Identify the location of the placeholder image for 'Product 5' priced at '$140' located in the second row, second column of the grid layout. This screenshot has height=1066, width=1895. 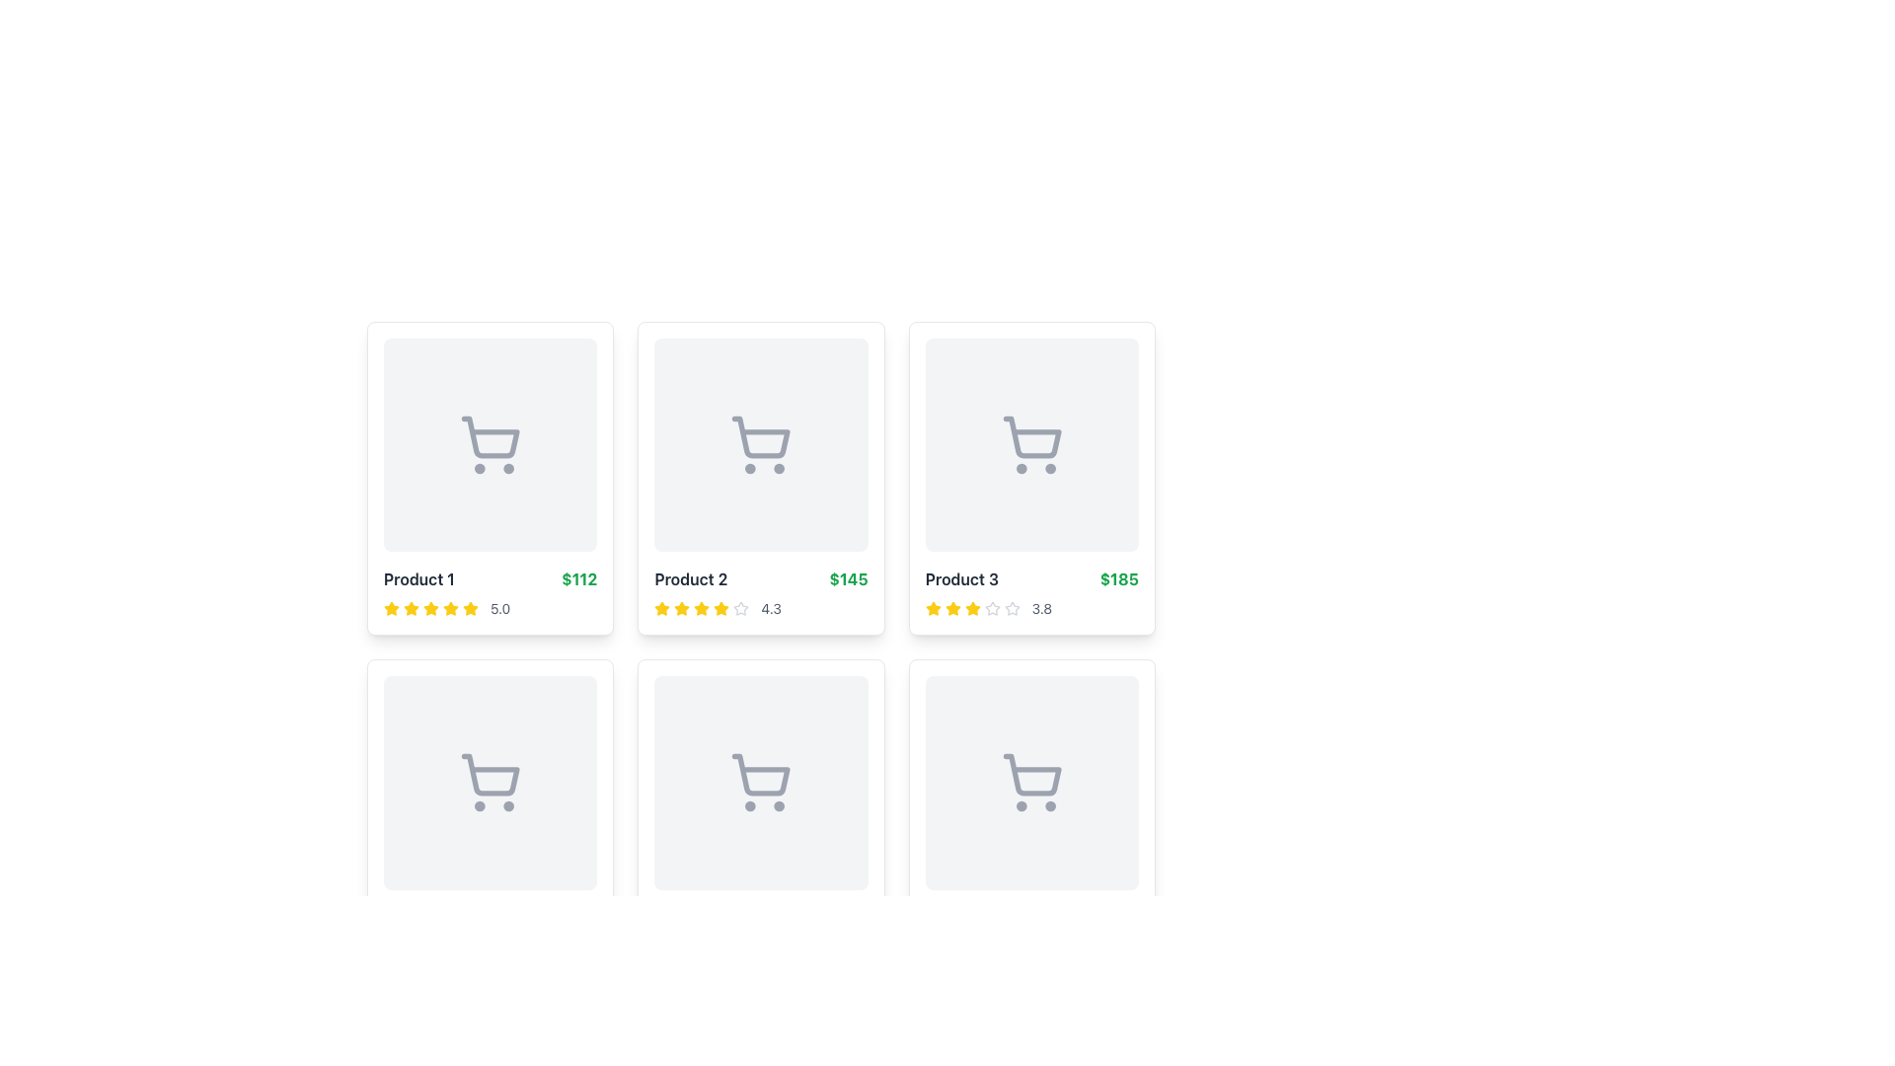
(760, 782).